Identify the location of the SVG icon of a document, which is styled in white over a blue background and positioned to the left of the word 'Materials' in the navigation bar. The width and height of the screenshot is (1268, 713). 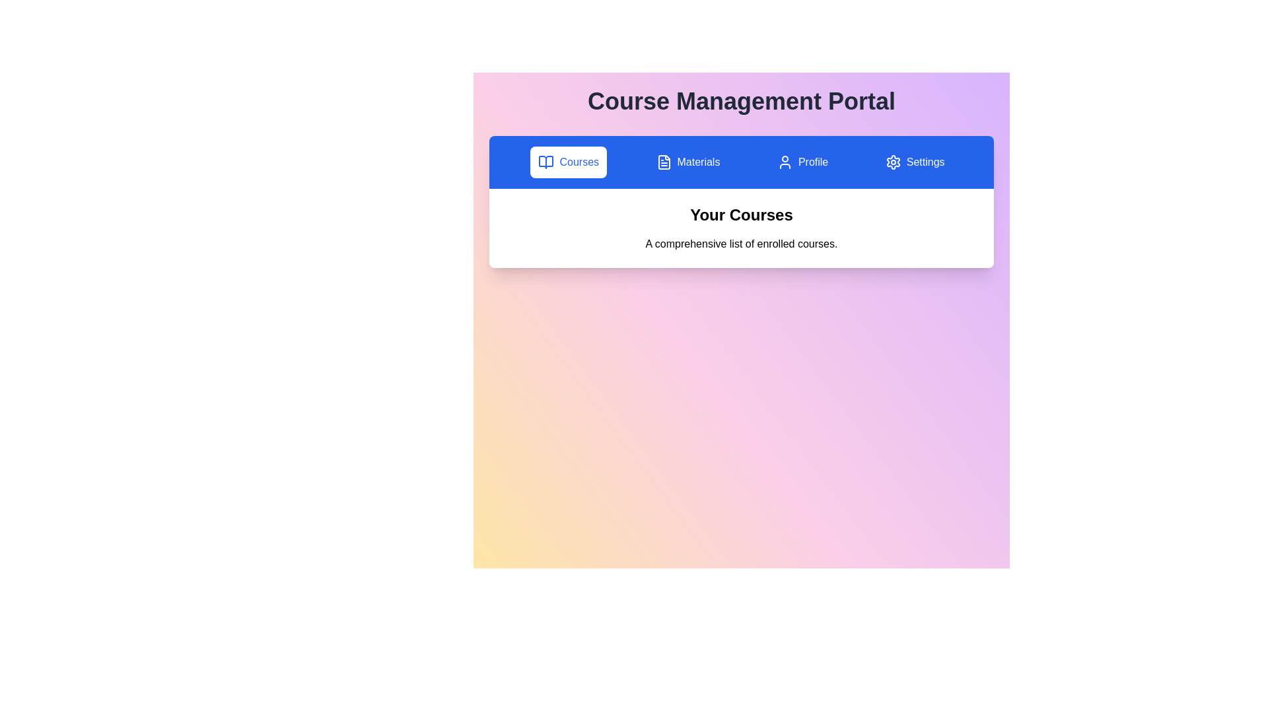
(664, 162).